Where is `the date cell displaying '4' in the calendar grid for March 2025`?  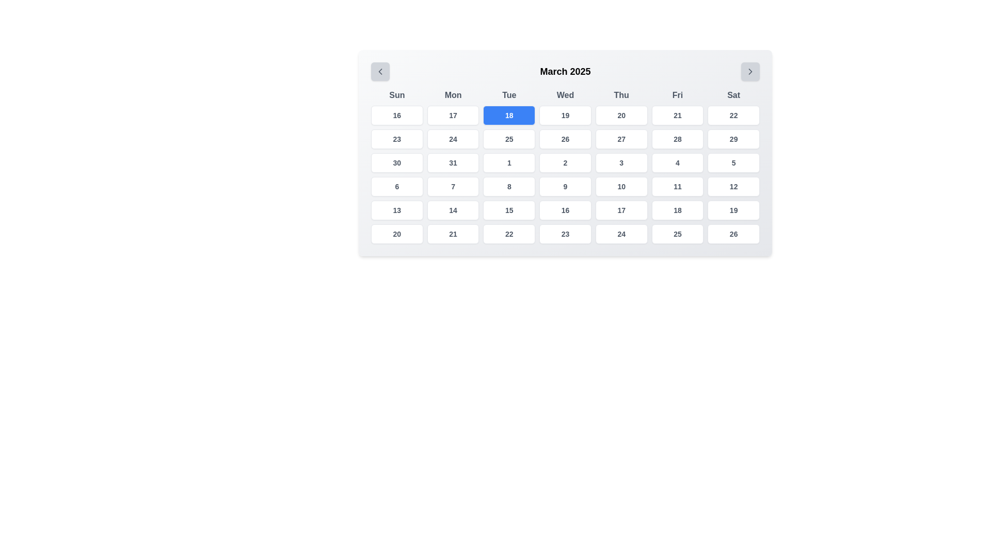 the date cell displaying '4' in the calendar grid for March 2025 is located at coordinates (677, 162).